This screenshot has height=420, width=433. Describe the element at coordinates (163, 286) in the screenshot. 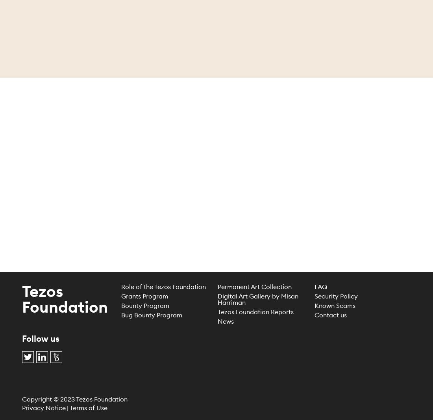

I see `'Role of the Tezos Foundation'` at that location.